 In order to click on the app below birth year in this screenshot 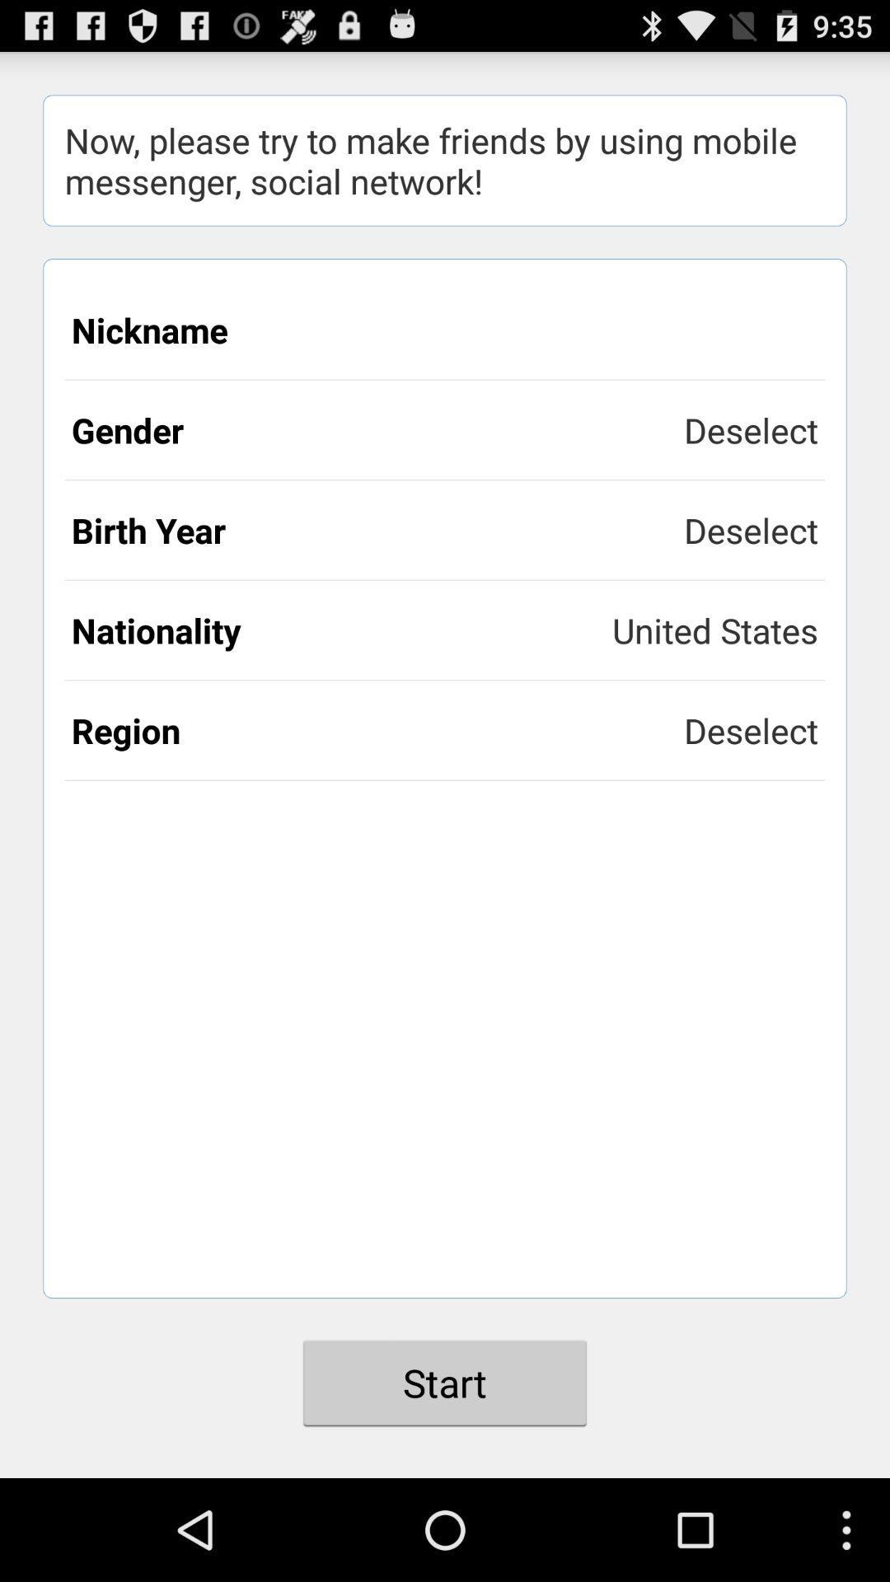, I will do `click(341, 629)`.